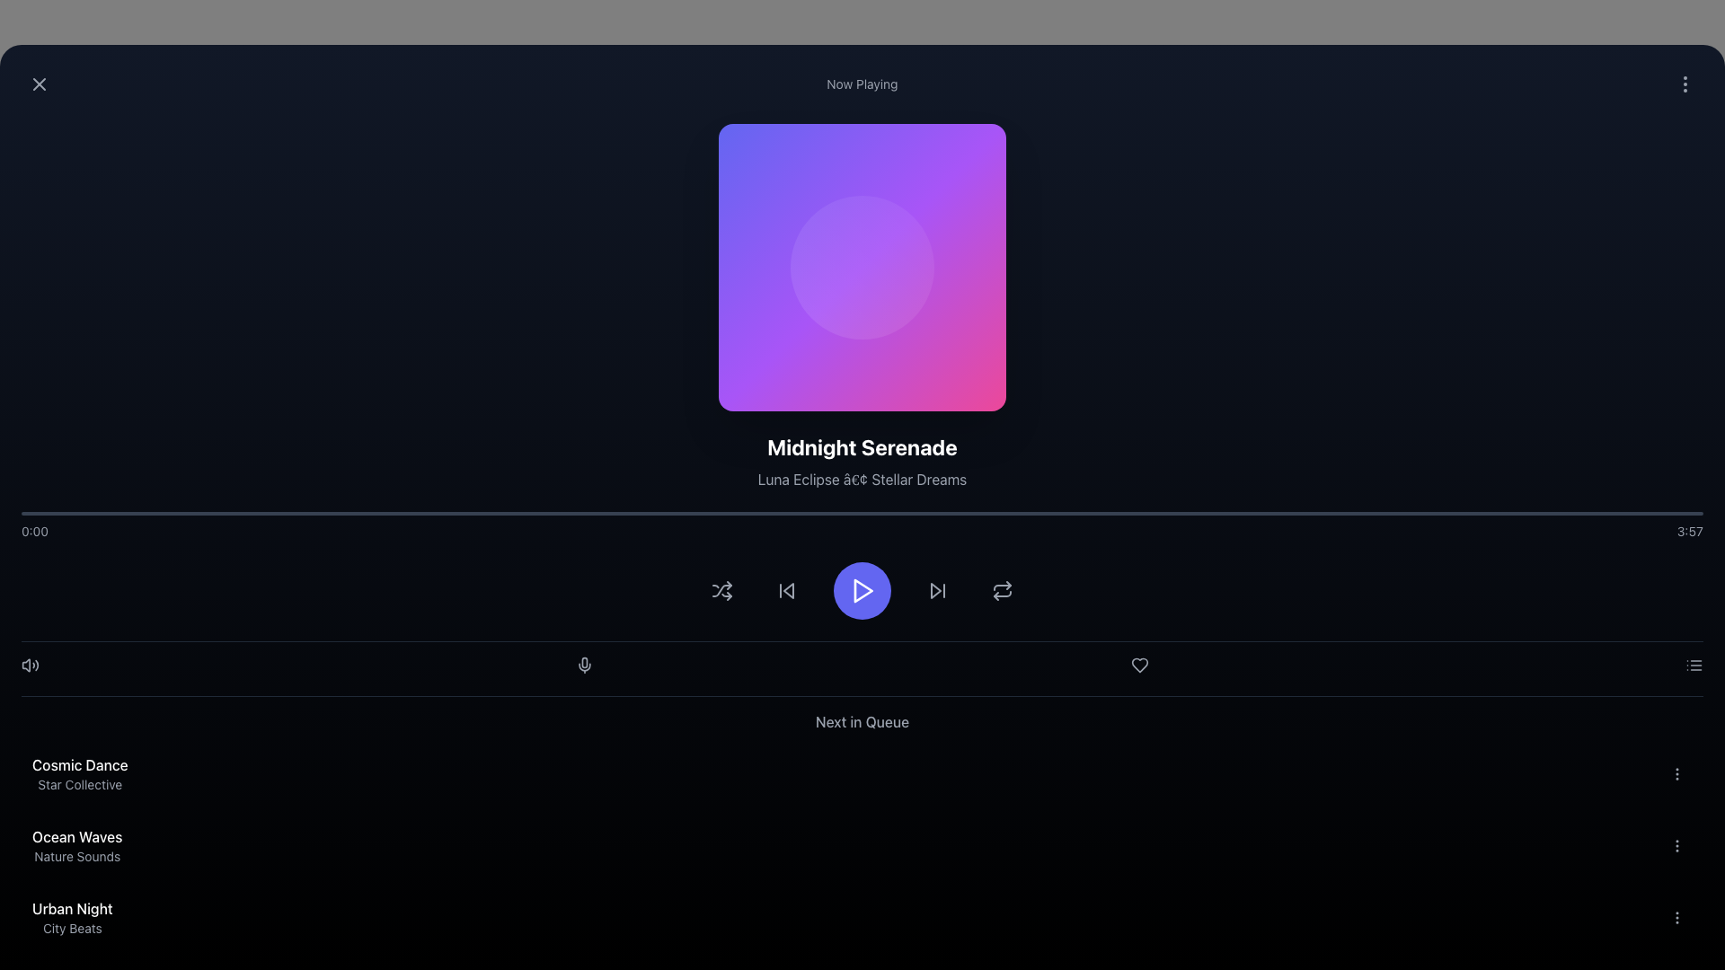 The image size is (1725, 970). I want to click on the shuffle icon button located at the bottom center of the interface, so click(722, 591).